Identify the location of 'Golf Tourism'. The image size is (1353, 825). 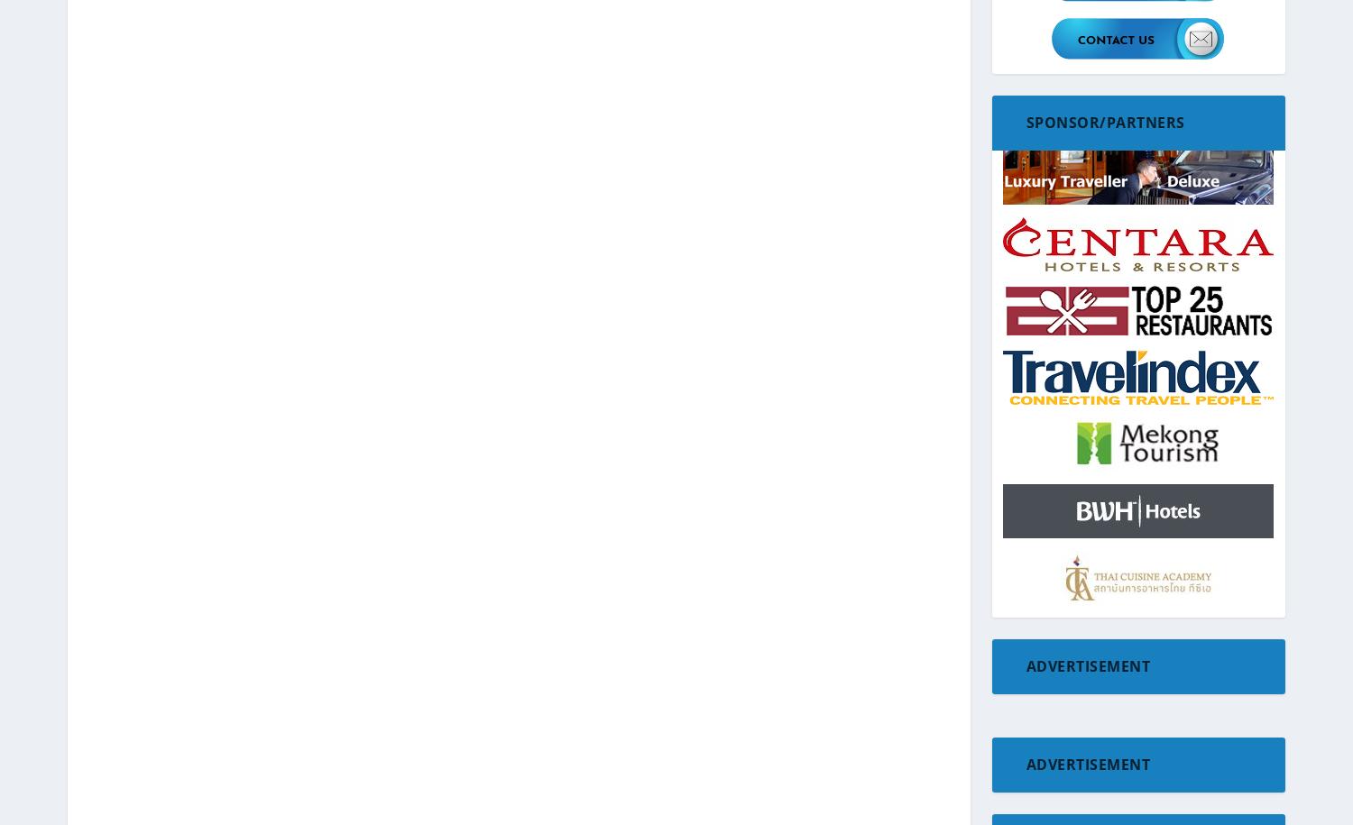
(1043, 571).